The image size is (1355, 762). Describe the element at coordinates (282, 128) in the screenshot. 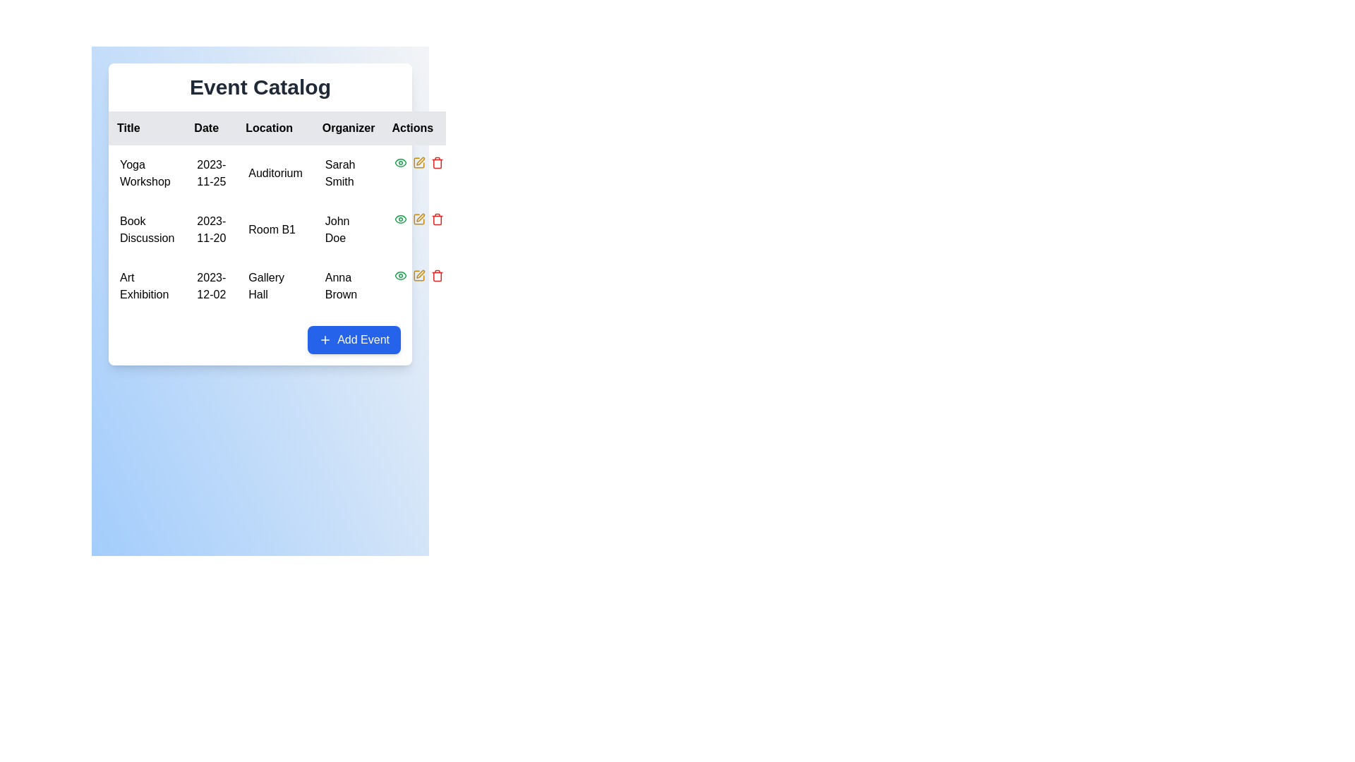

I see `the 'Location' table header cell, which is the third header cell in the table's header row under the 'Event Catalog' panel` at that location.